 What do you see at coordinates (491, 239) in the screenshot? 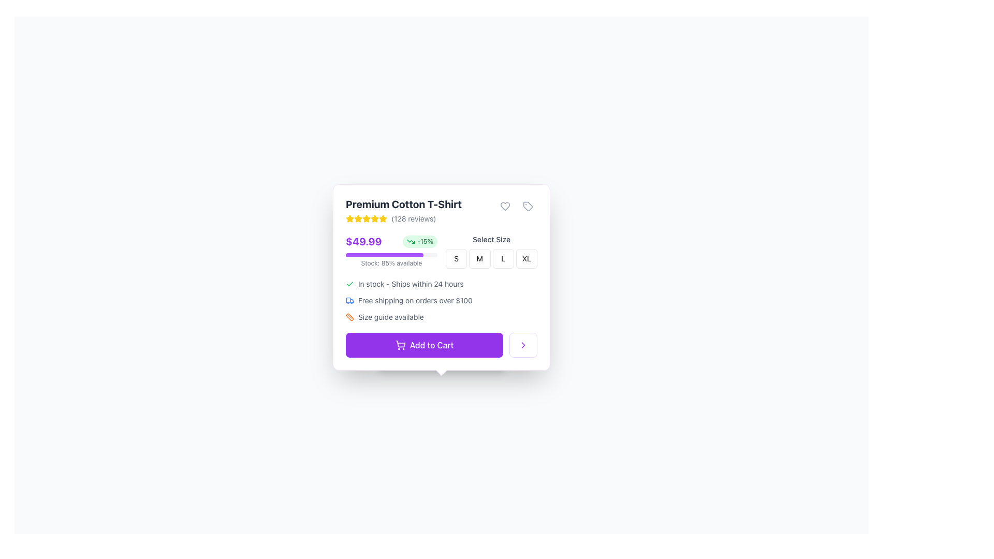
I see `the static text label that indicates the purpose of the size selection options above the interactive buttons for selecting sizes (S, M, L, XL) within the size selection area of the product card` at bounding box center [491, 239].